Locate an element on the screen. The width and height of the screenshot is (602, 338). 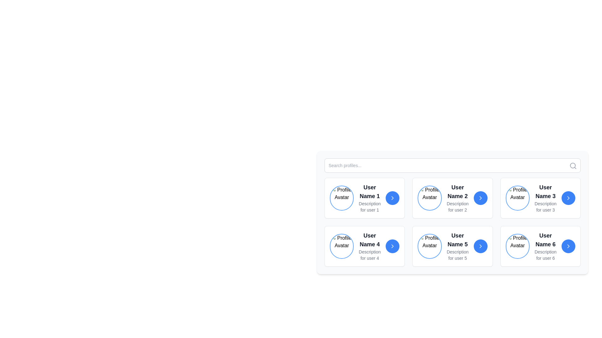
the user name text label element, which is centrally positioned in the user info display card, above the description text 'Description for user 4' is located at coordinates (370, 240).